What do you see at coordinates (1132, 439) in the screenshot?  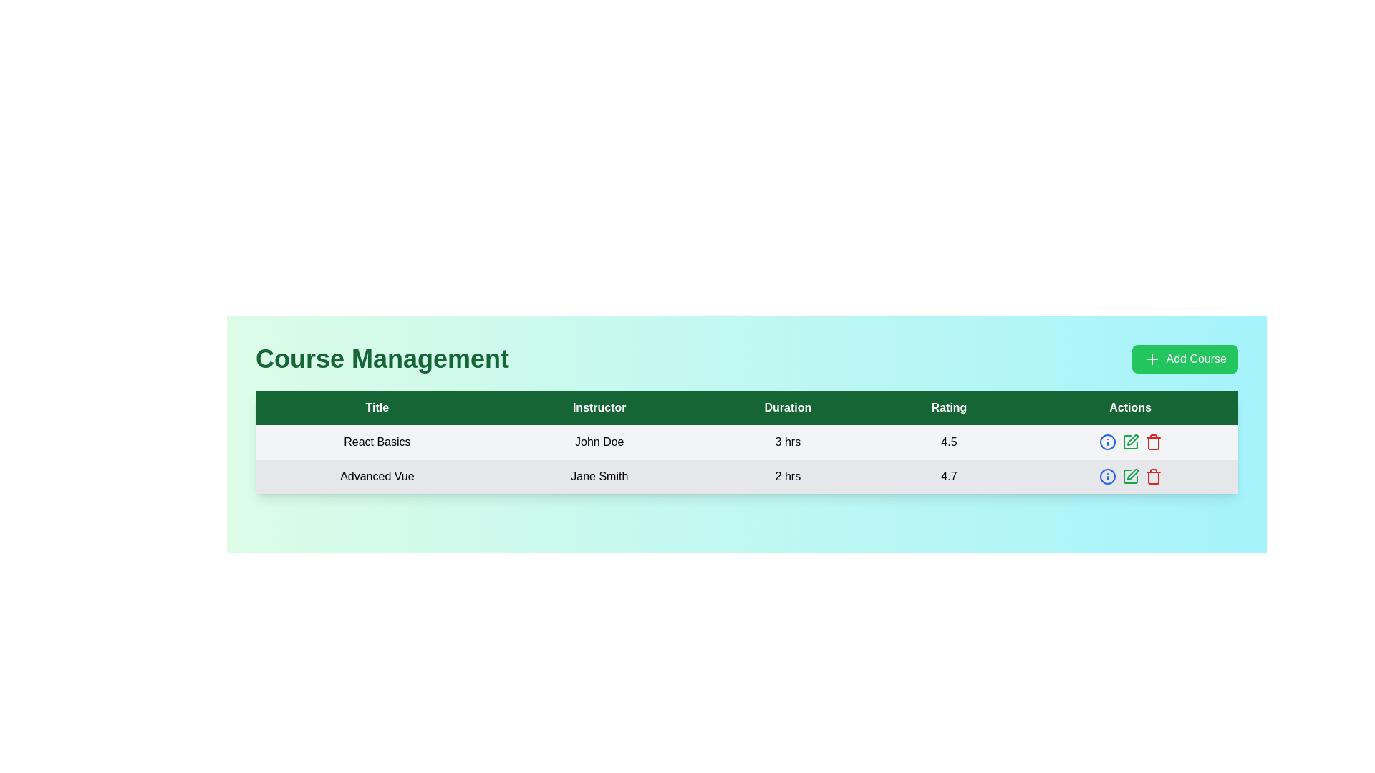 I see `the Edit Icon Button, which is a small pen icon located in the second row of the course table's 'Actions' column, positioned between the information icon and the delete icon, to initiate the edit action` at bounding box center [1132, 439].